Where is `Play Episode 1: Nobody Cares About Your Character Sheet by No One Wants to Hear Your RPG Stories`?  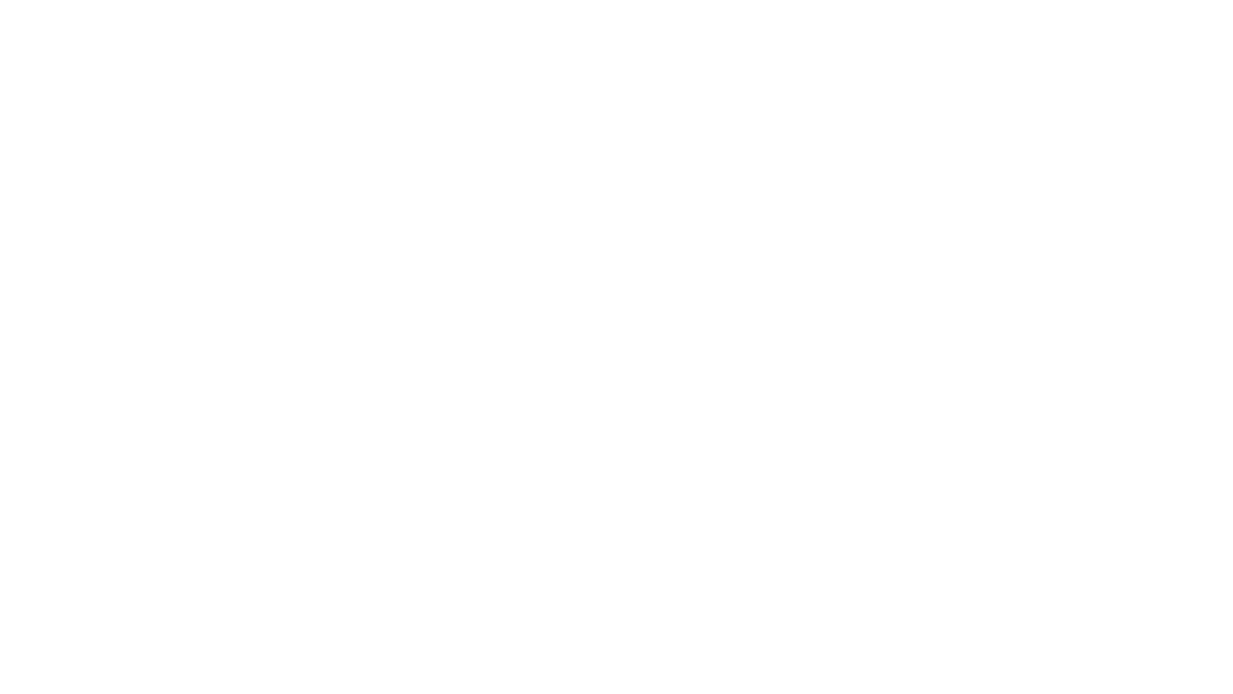 Play Episode 1: Nobody Cares About Your Character Sheet by No One Wants to Hear Your RPG Stories is located at coordinates (172, 468).